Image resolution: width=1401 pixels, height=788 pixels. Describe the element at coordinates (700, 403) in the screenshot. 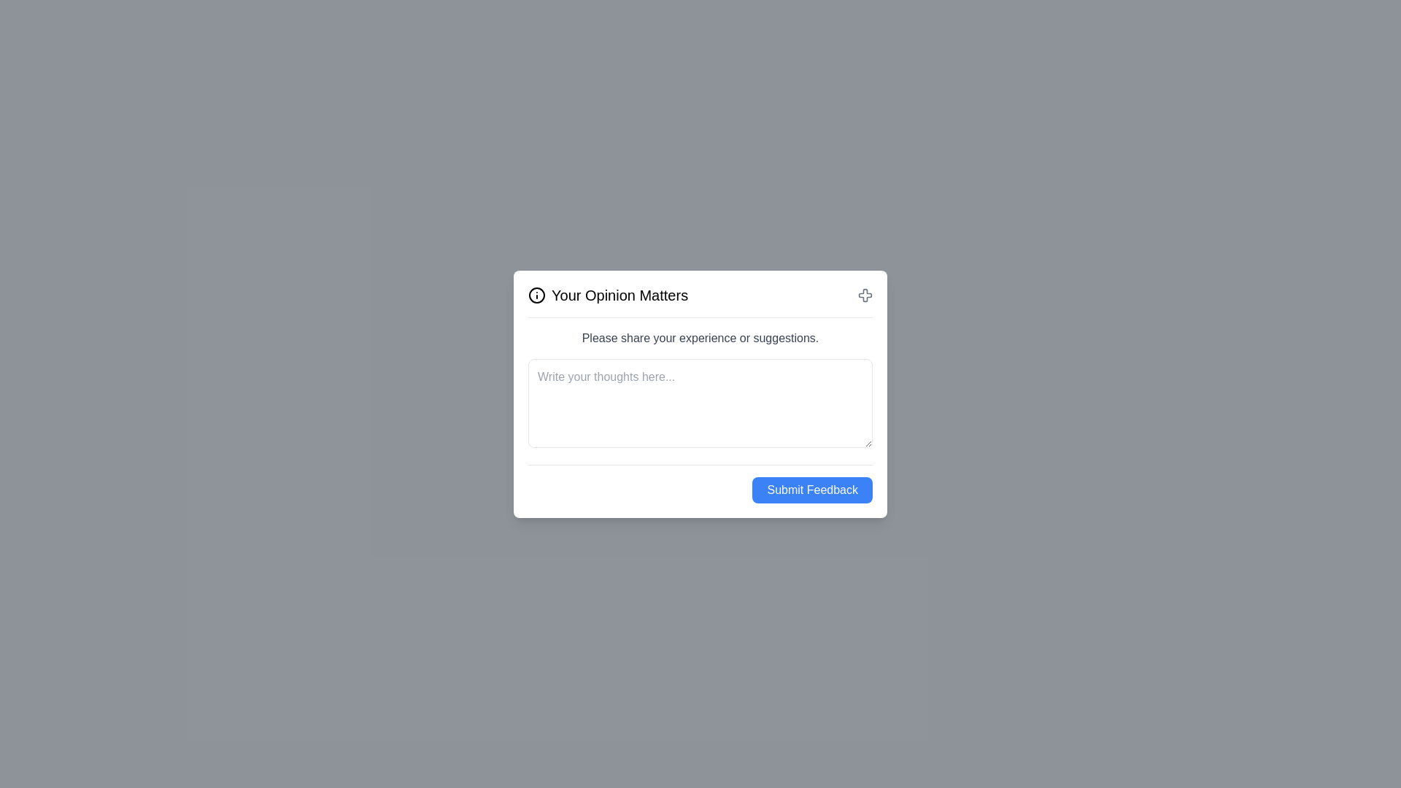

I see `the feedback textarea to focus on it` at that location.